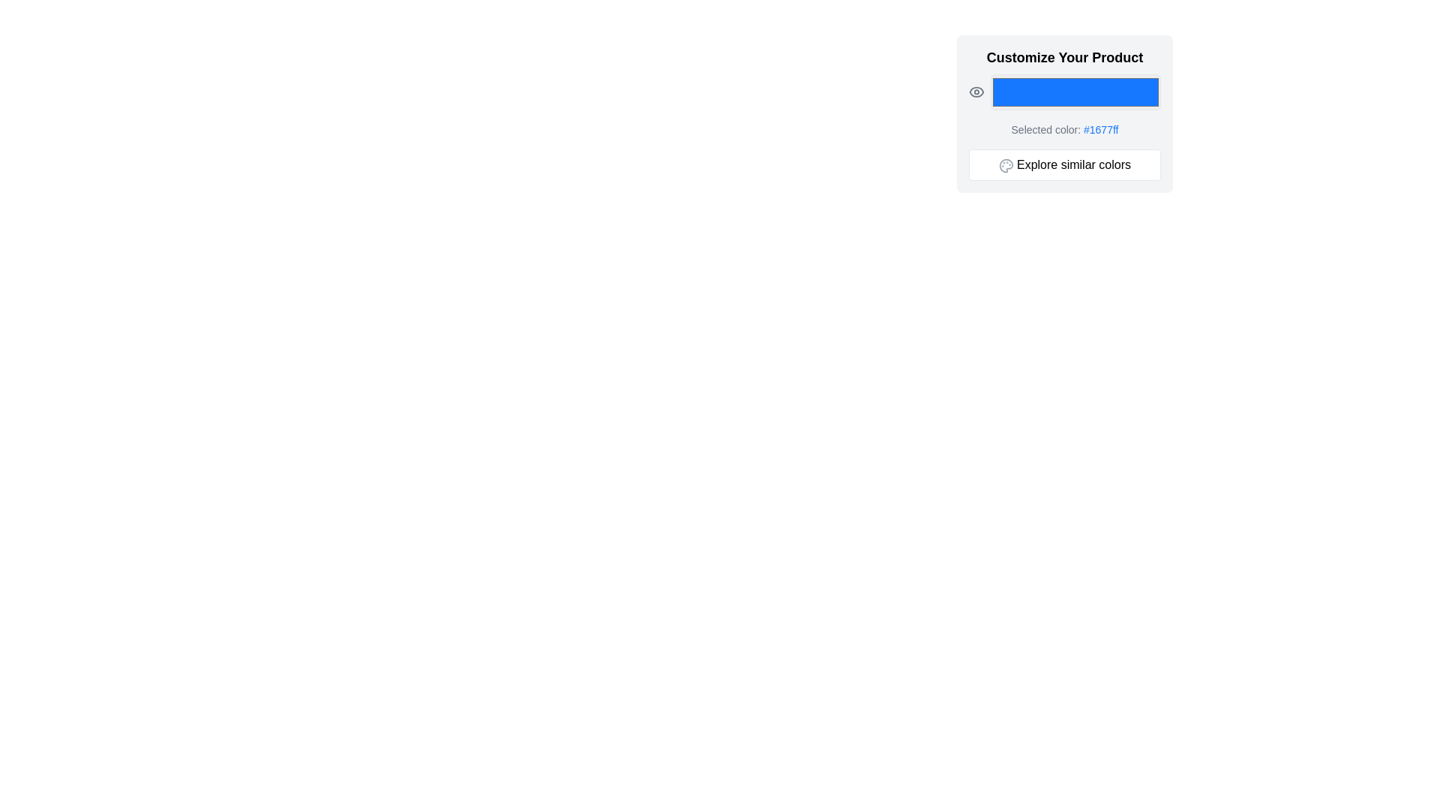 The height and width of the screenshot is (811, 1441). What do you see at coordinates (1075, 92) in the screenshot?
I see `the color input field with a blue fill, labeled as selected color #1677ff` at bounding box center [1075, 92].